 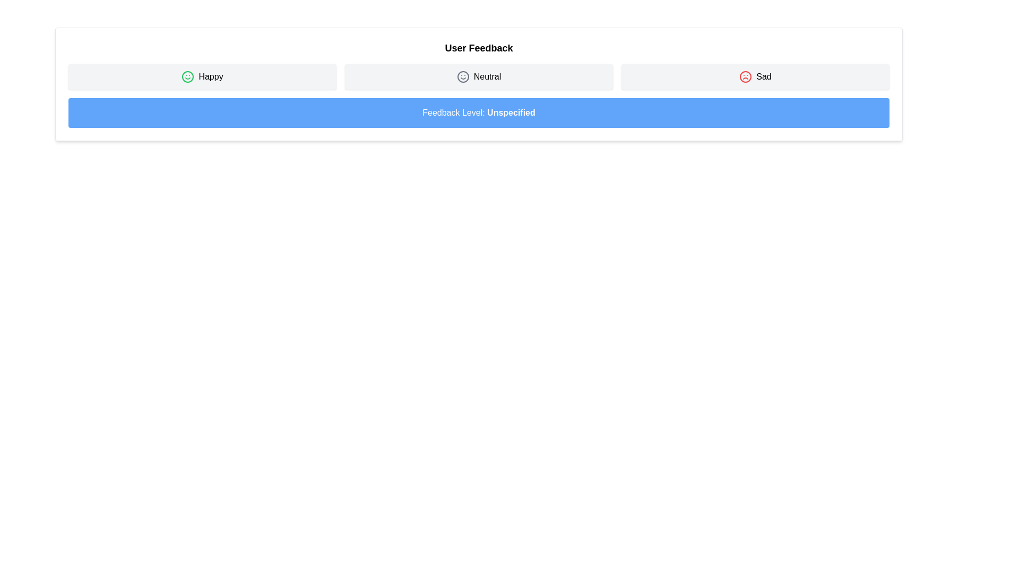 I want to click on the button with a neutral light-gray background and a smiley face emoji labeled 'Neutral', so click(x=478, y=76).